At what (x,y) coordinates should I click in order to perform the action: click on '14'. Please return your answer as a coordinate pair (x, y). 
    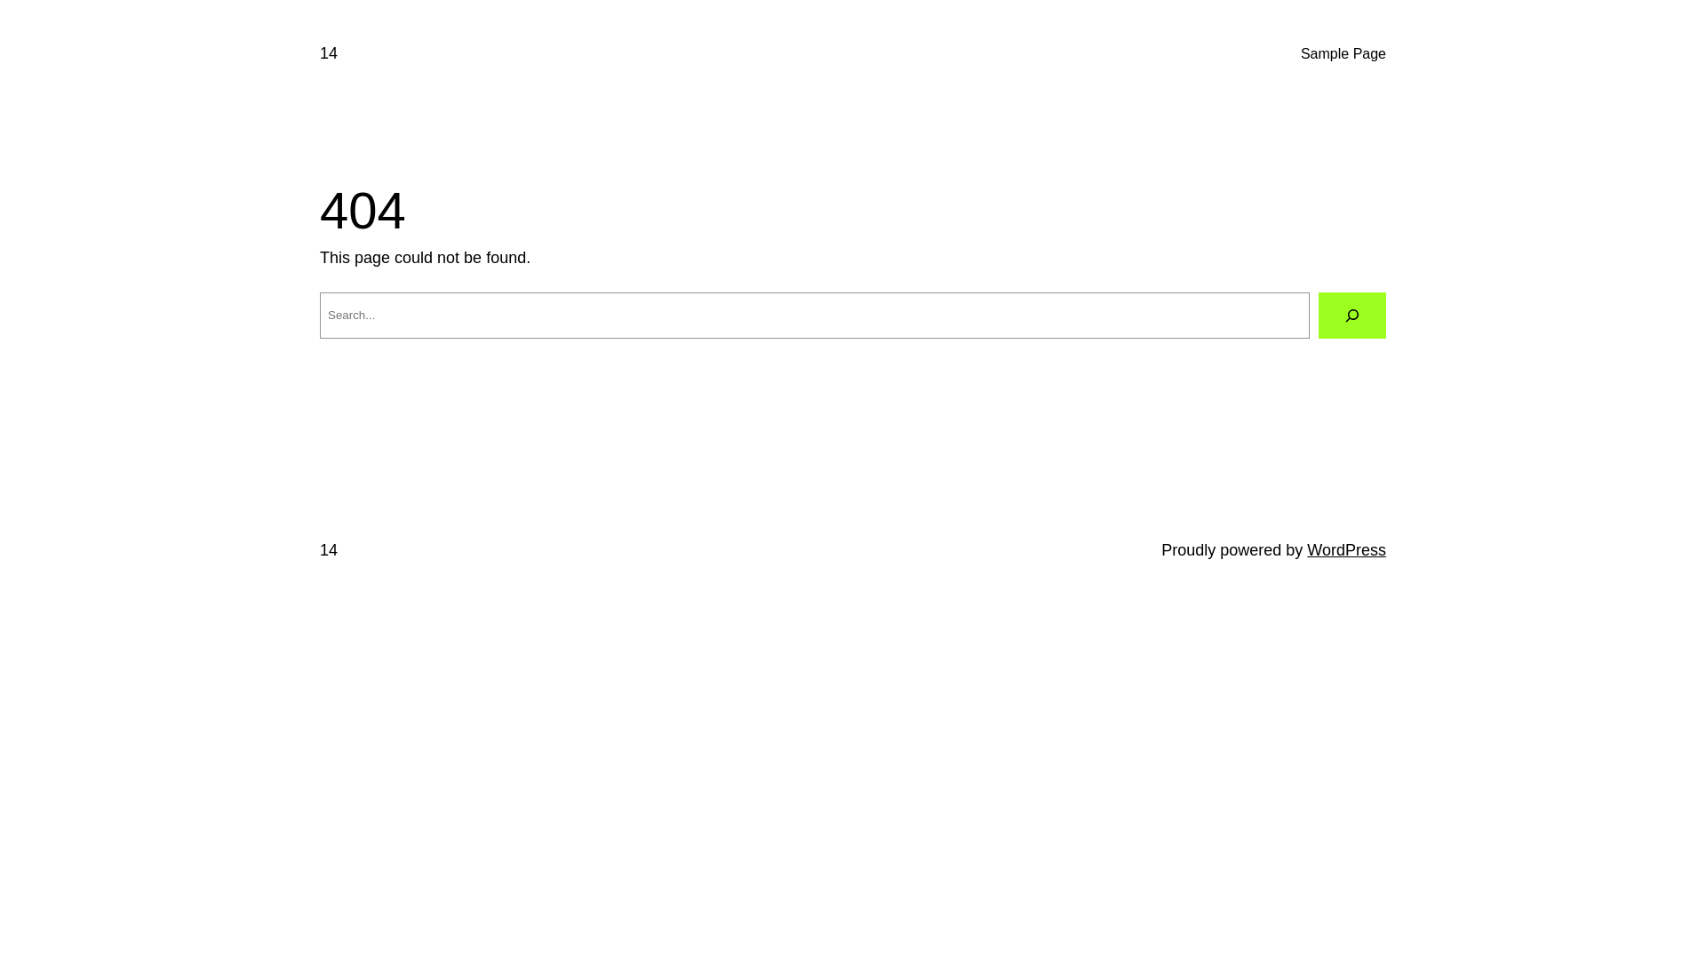
    Looking at the image, I should click on (328, 548).